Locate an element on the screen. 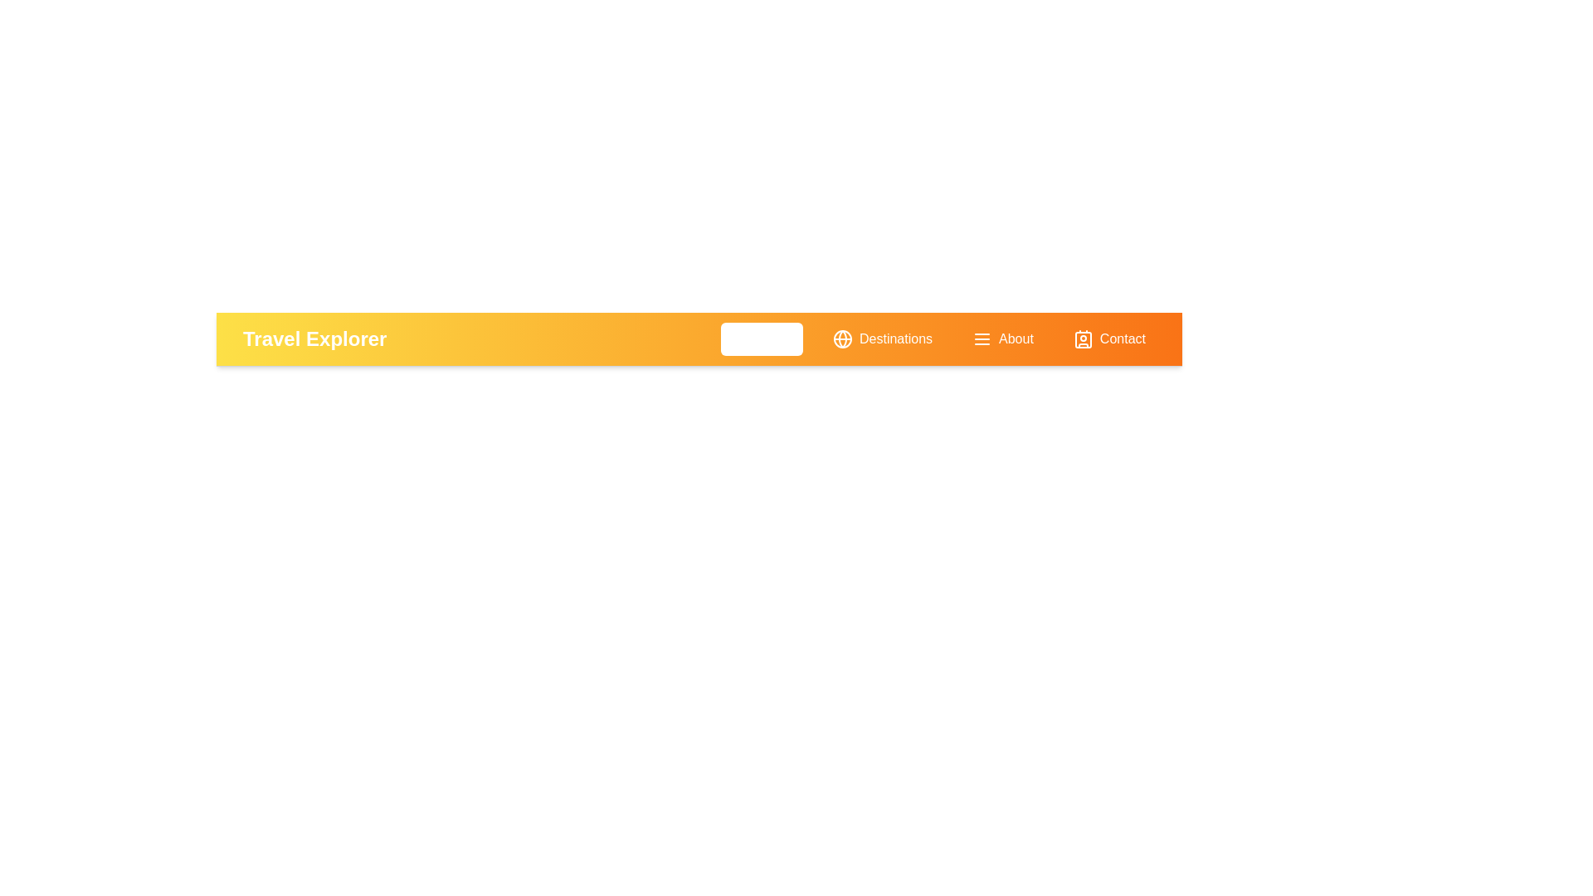 Image resolution: width=1593 pixels, height=896 pixels. the 'About' button, which is a horizontally-aligned button with white text on an orange background is located at coordinates (1002, 338).